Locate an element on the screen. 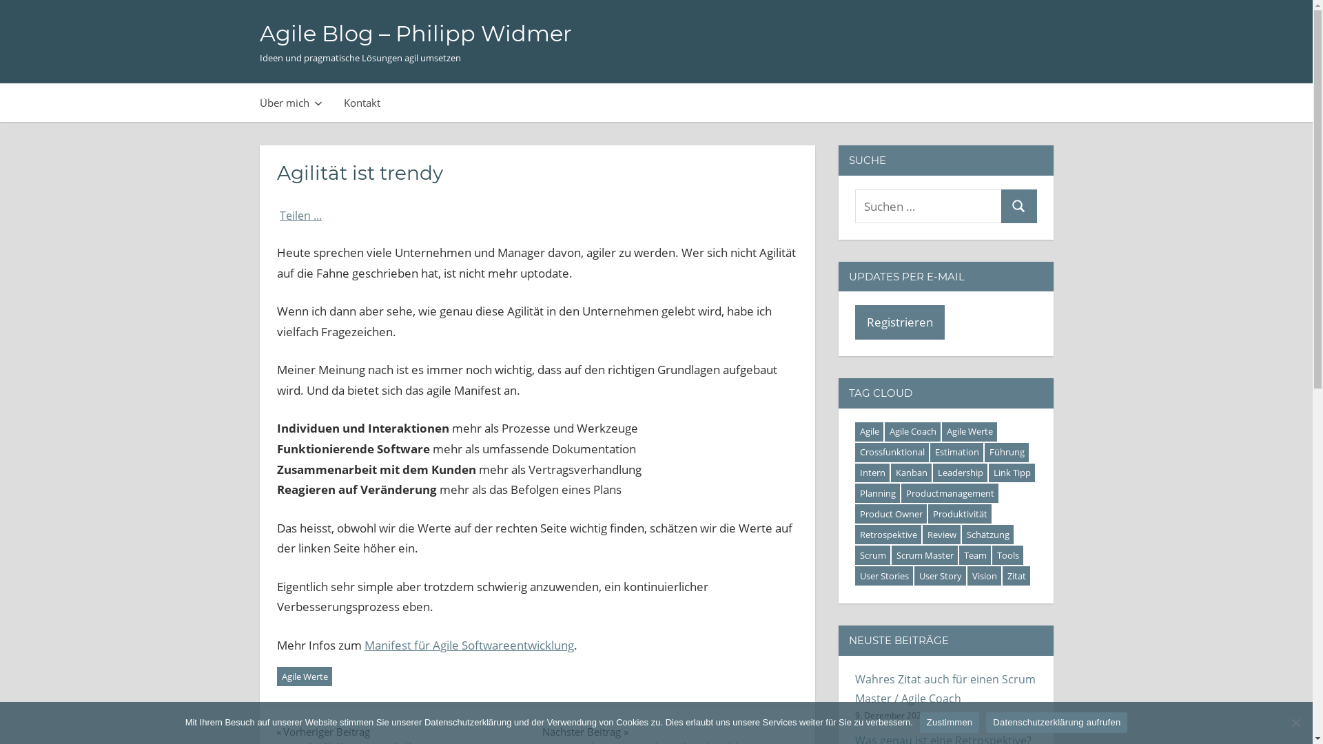 This screenshot has height=744, width=1323. 'Suchen' is located at coordinates (1018, 205).